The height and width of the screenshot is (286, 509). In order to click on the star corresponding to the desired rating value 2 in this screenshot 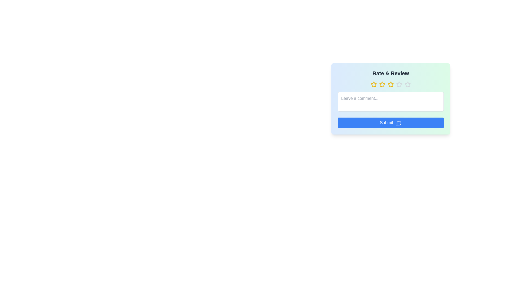, I will do `click(382, 84)`.